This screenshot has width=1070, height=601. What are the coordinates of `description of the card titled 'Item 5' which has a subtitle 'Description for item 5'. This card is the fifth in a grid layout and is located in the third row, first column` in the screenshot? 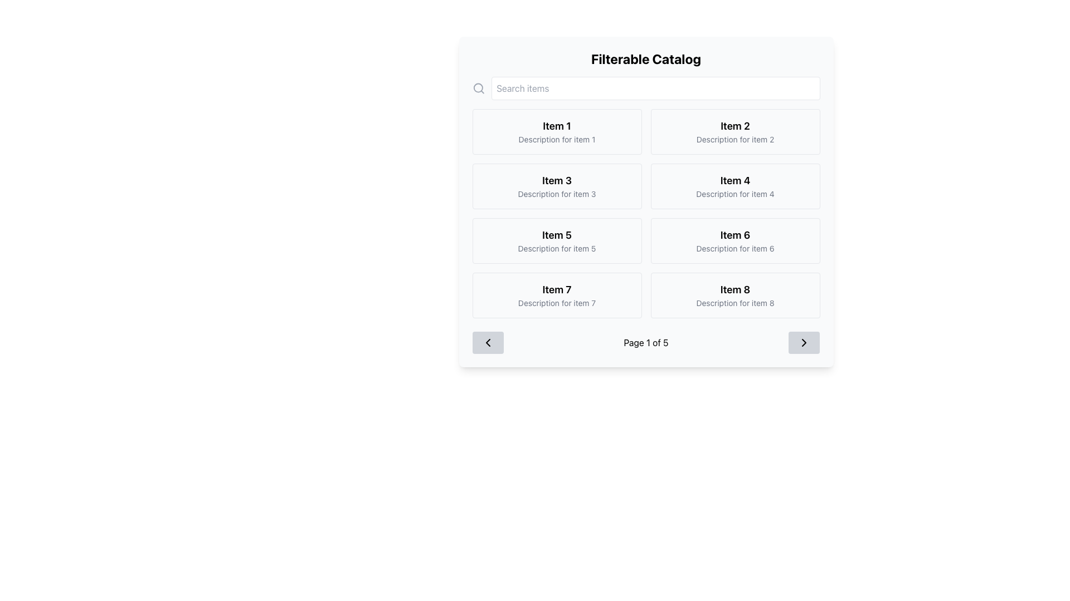 It's located at (557, 240).